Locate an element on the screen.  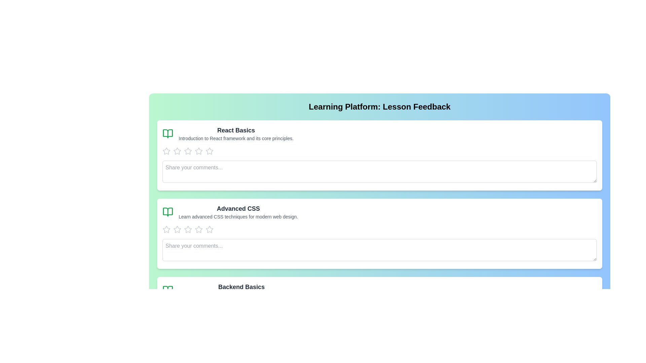
the informational header for the lesson about the basics of backend web development, which is the third item in a vertical list of learning modules is located at coordinates (241, 290).